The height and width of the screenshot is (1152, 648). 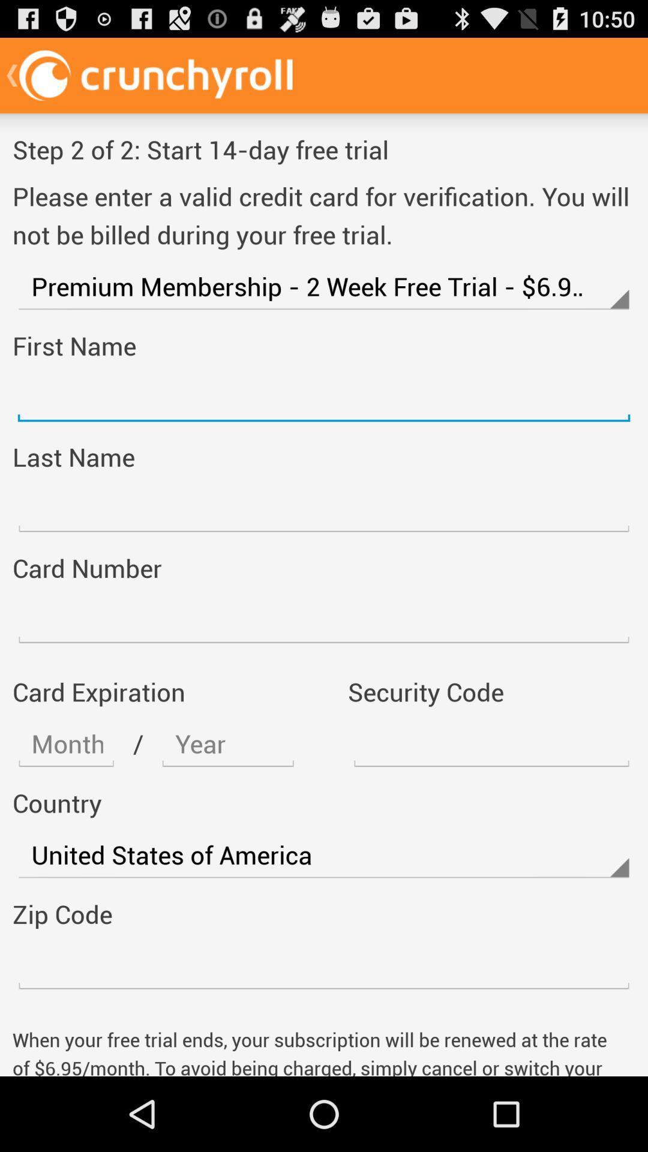 What do you see at coordinates (324, 398) in the screenshot?
I see `your first name` at bounding box center [324, 398].